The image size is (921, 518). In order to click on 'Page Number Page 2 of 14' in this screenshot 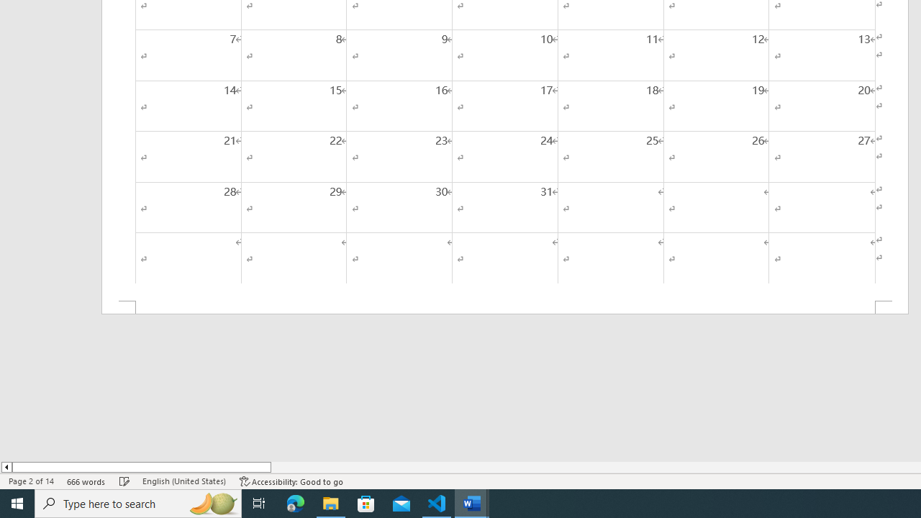, I will do `click(31, 481)`.